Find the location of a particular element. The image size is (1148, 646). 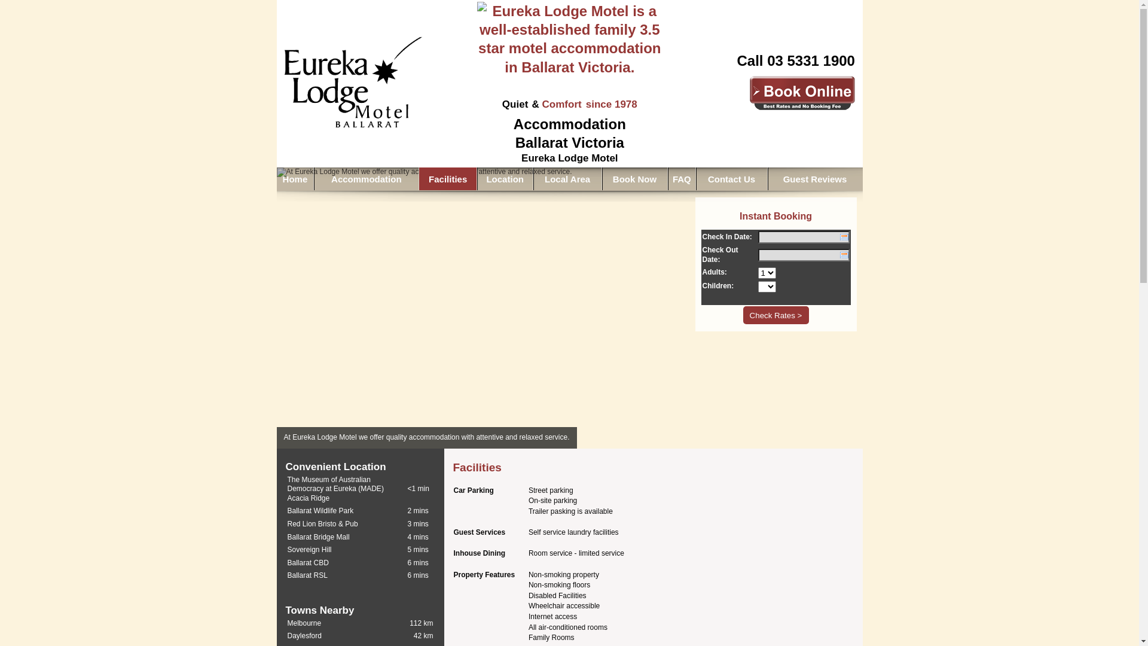

'Check Rates >' is located at coordinates (775, 315).